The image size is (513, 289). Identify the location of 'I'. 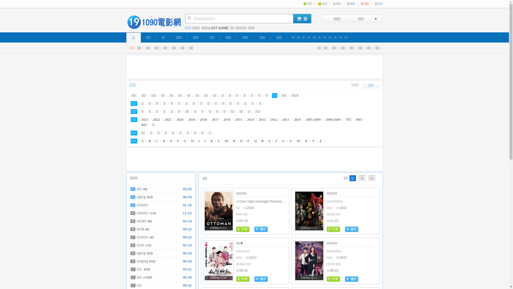
(199, 141).